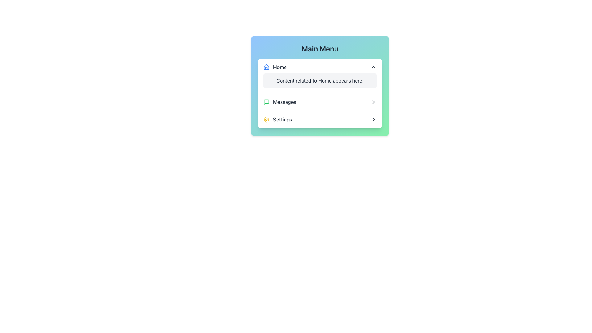 This screenshot has width=592, height=333. Describe the element at coordinates (266, 120) in the screenshot. I see `the settings icon located in the bottom row of the 'Main Menu'` at that location.